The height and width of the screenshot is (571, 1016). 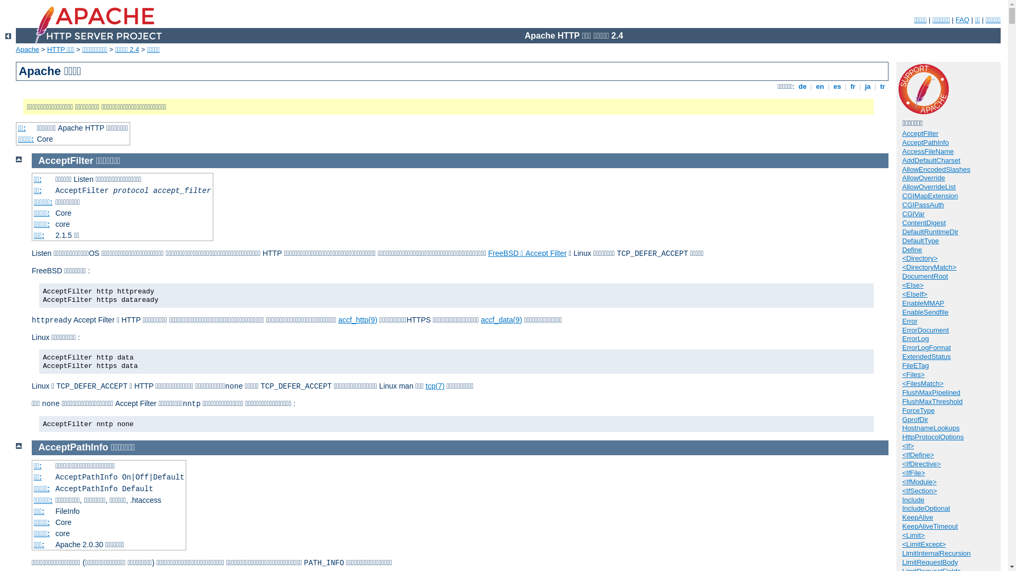 What do you see at coordinates (930, 427) in the screenshot?
I see `'HostnameLookups'` at bounding box center [930, 427].